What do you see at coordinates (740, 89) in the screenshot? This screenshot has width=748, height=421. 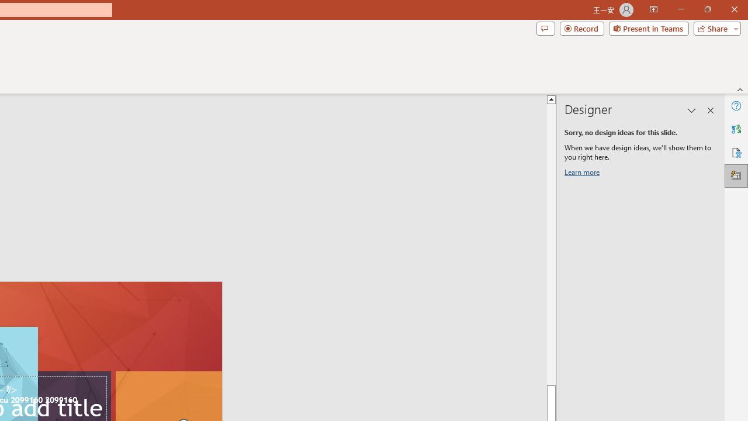 I see `'Collapse the Ribbon'` at bounding box center [740, 89].